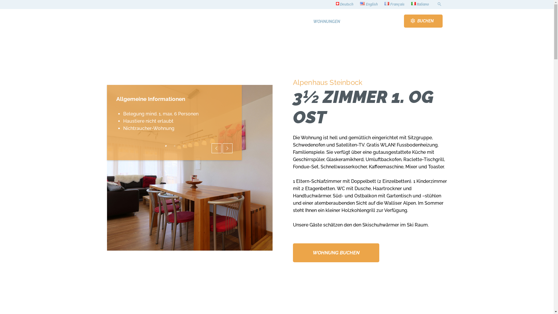 This screenshot has height=314, width=558. What do you see at coordinates (358, 21) in the screenshot?
I see `'ANREISE'` at bounding box center [358, 21].